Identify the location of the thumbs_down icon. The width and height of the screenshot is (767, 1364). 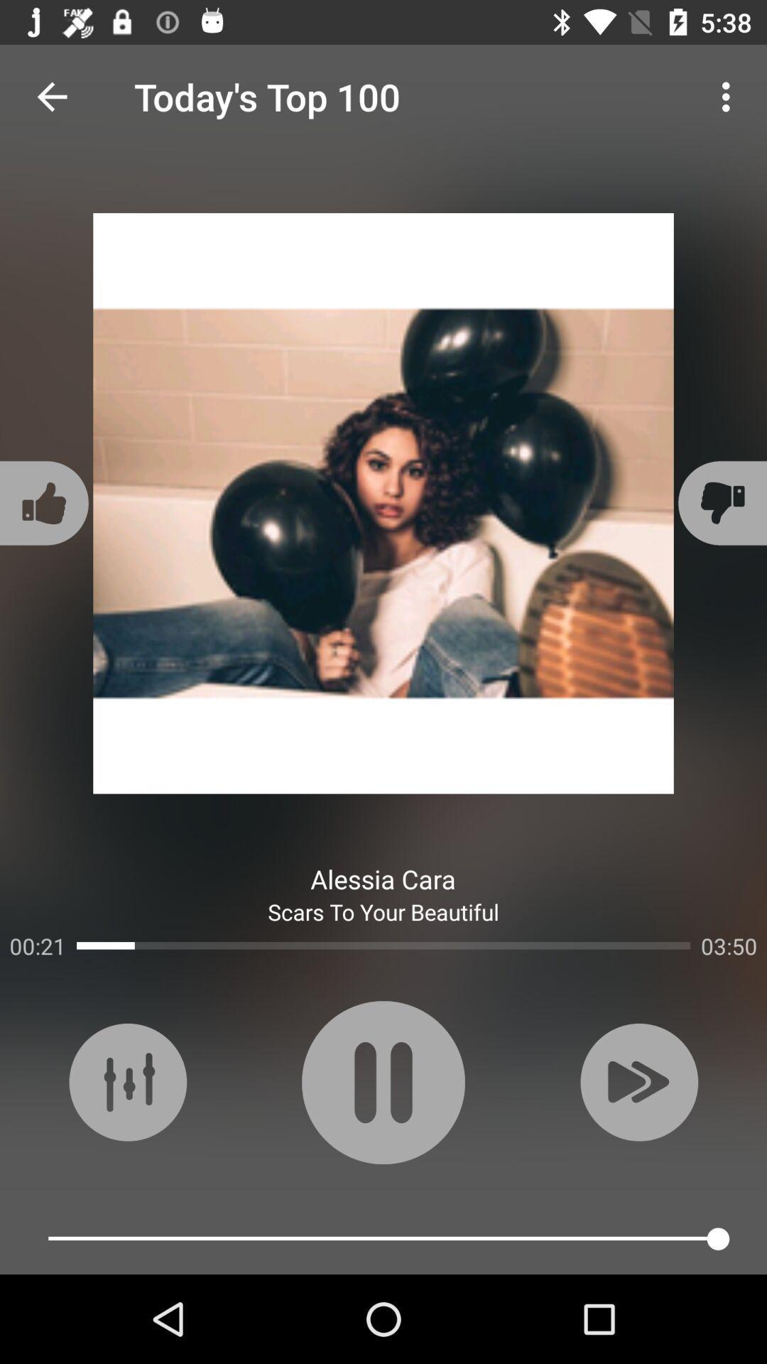
(720, 503).